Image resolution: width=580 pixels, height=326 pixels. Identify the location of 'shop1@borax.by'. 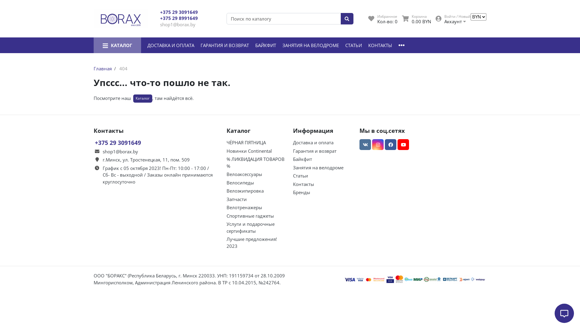
(177, 24).